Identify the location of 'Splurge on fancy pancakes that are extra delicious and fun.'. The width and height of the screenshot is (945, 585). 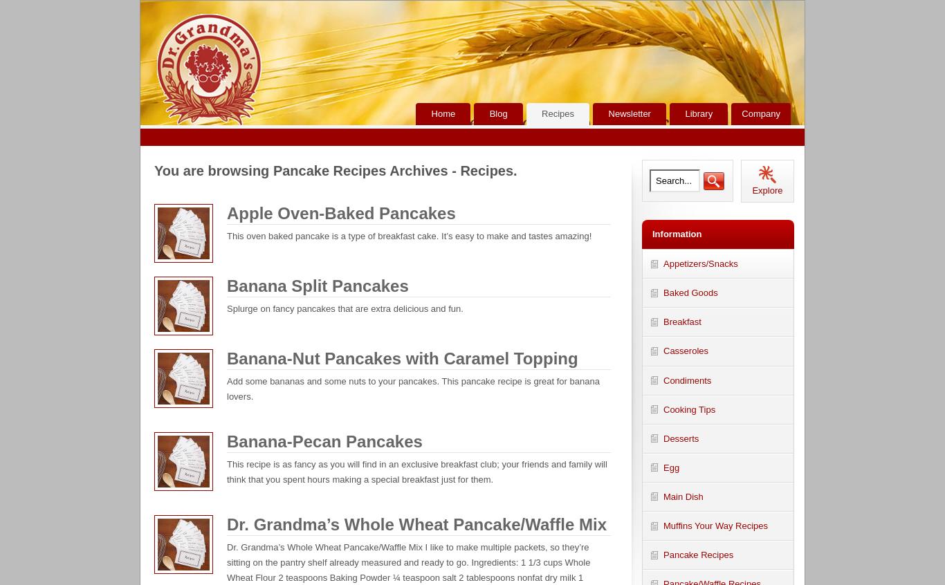
(345, 307).